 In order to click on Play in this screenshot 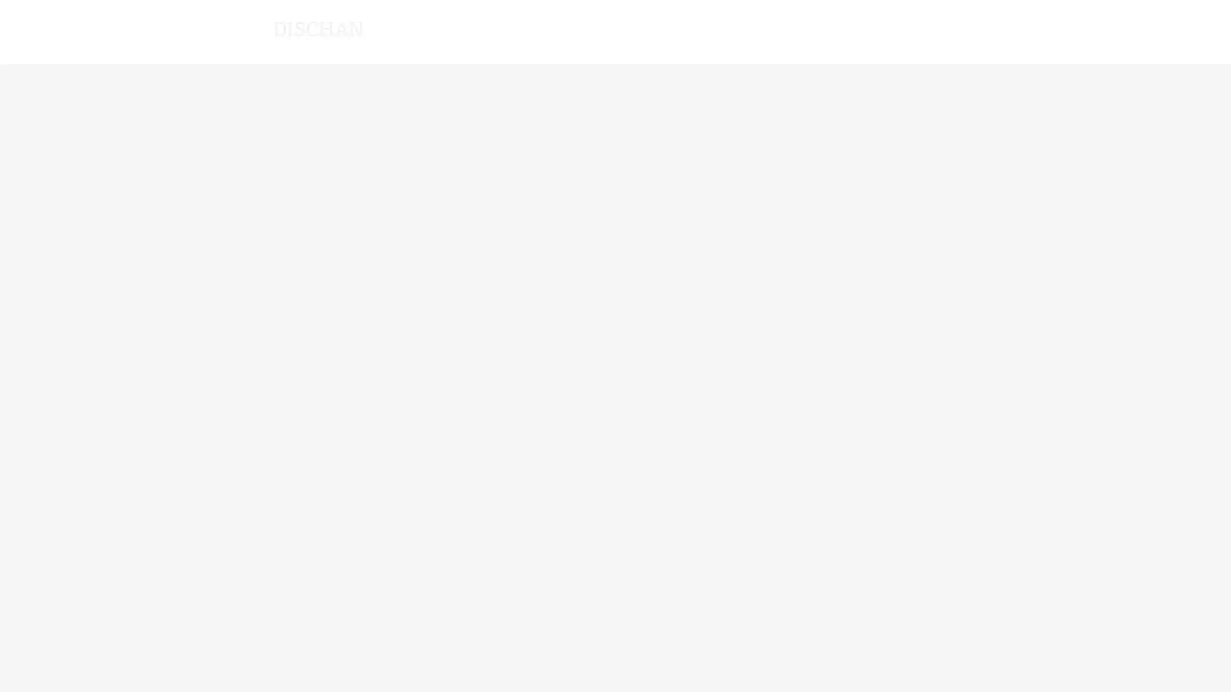, I will do `click(812, 110)`.